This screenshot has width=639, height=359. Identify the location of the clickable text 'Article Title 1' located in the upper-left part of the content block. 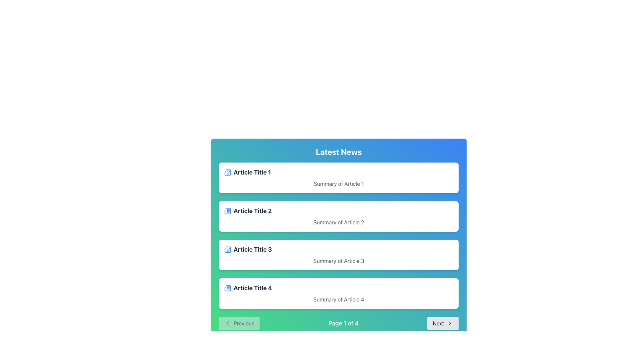
(252, 172).